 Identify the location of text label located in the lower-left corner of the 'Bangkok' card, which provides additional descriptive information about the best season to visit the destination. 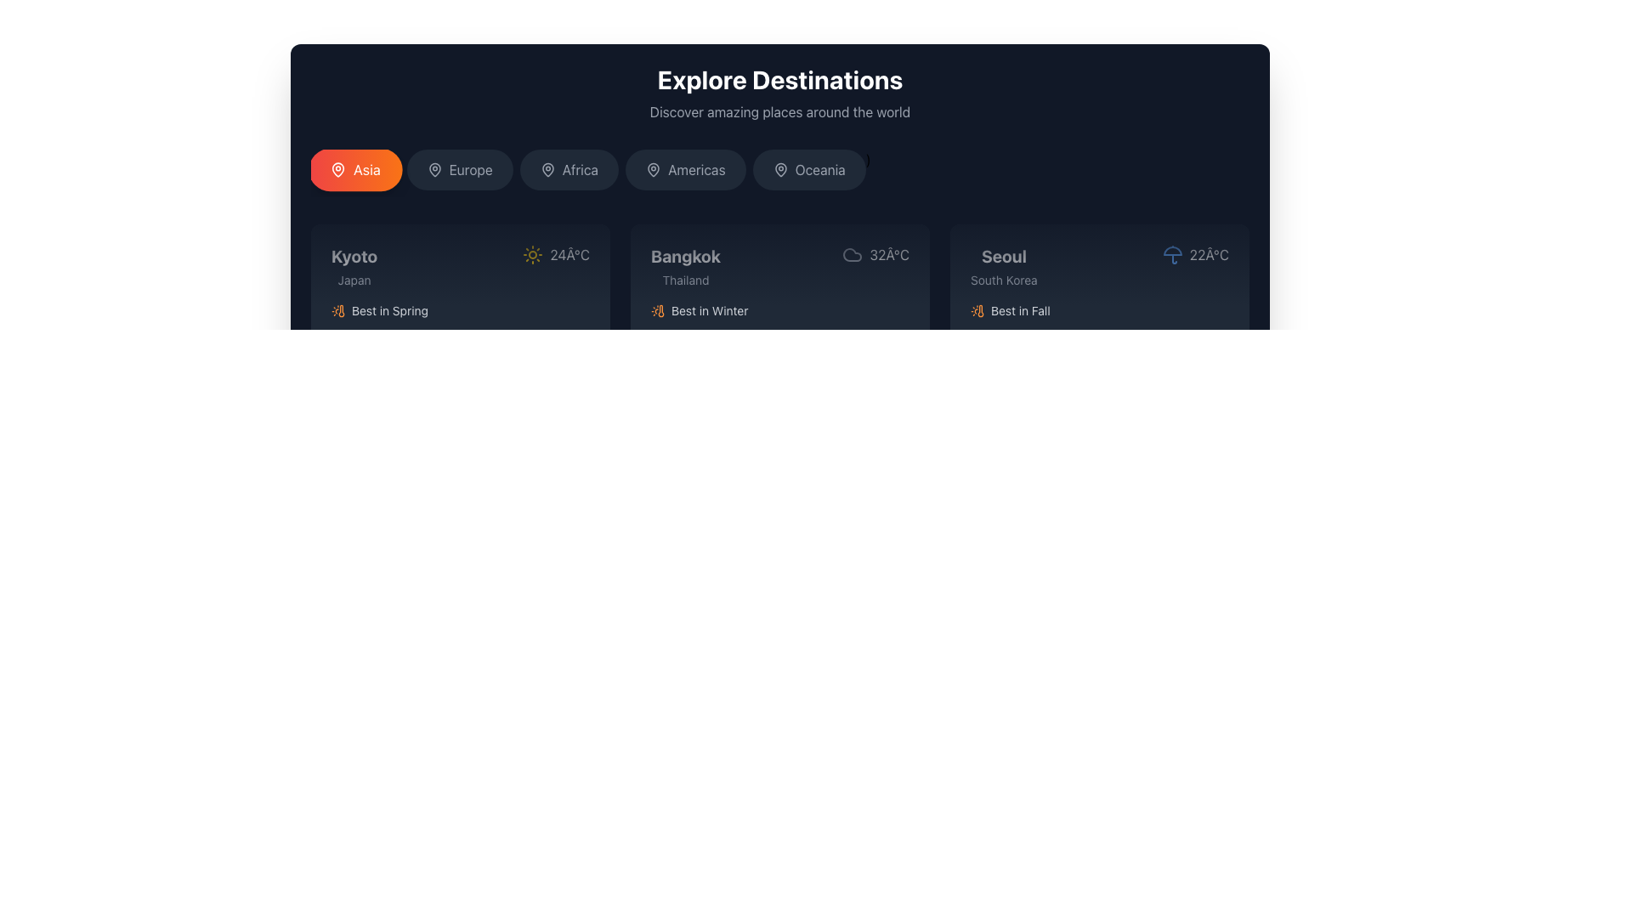
(710, 311).